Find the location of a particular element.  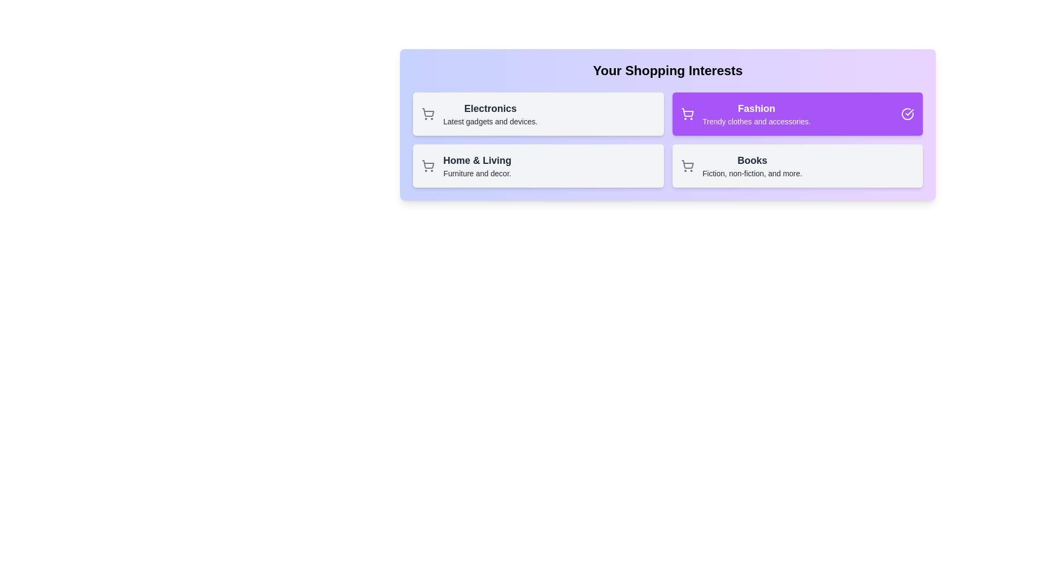

the icon for the category Electronics to toggle its state is located at coordinates (428, 114).